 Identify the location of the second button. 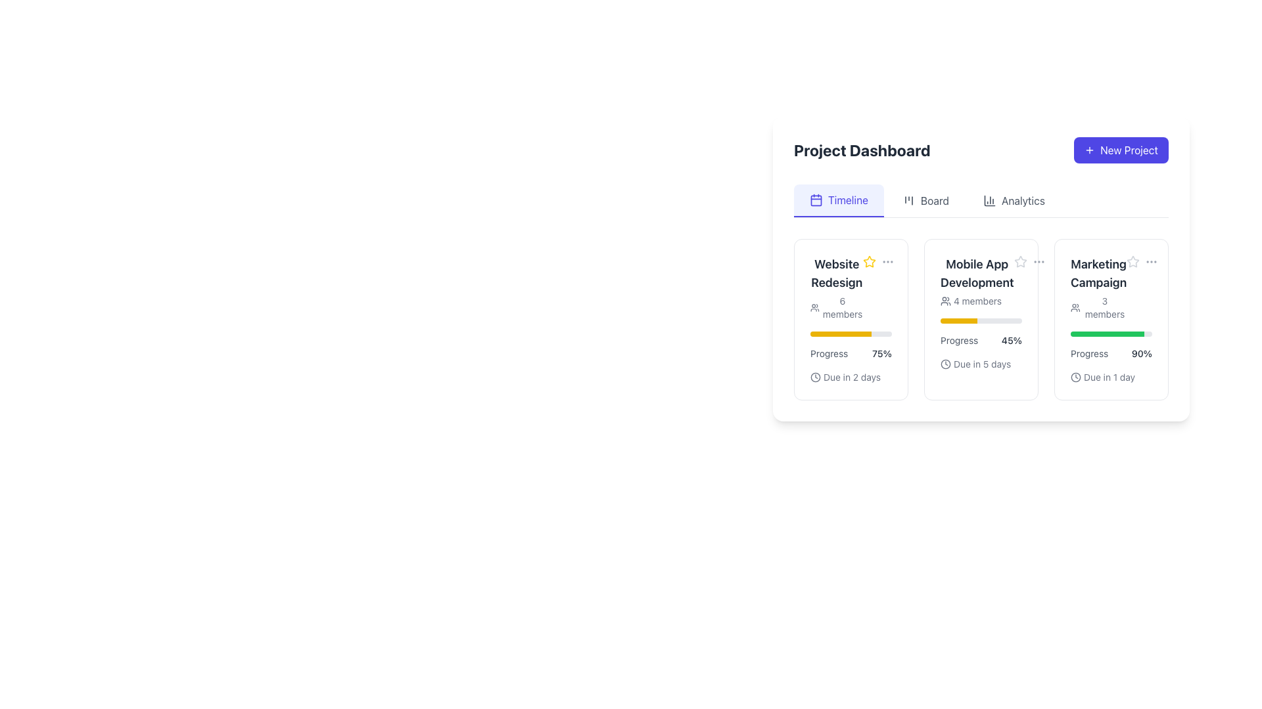
(925, 200).